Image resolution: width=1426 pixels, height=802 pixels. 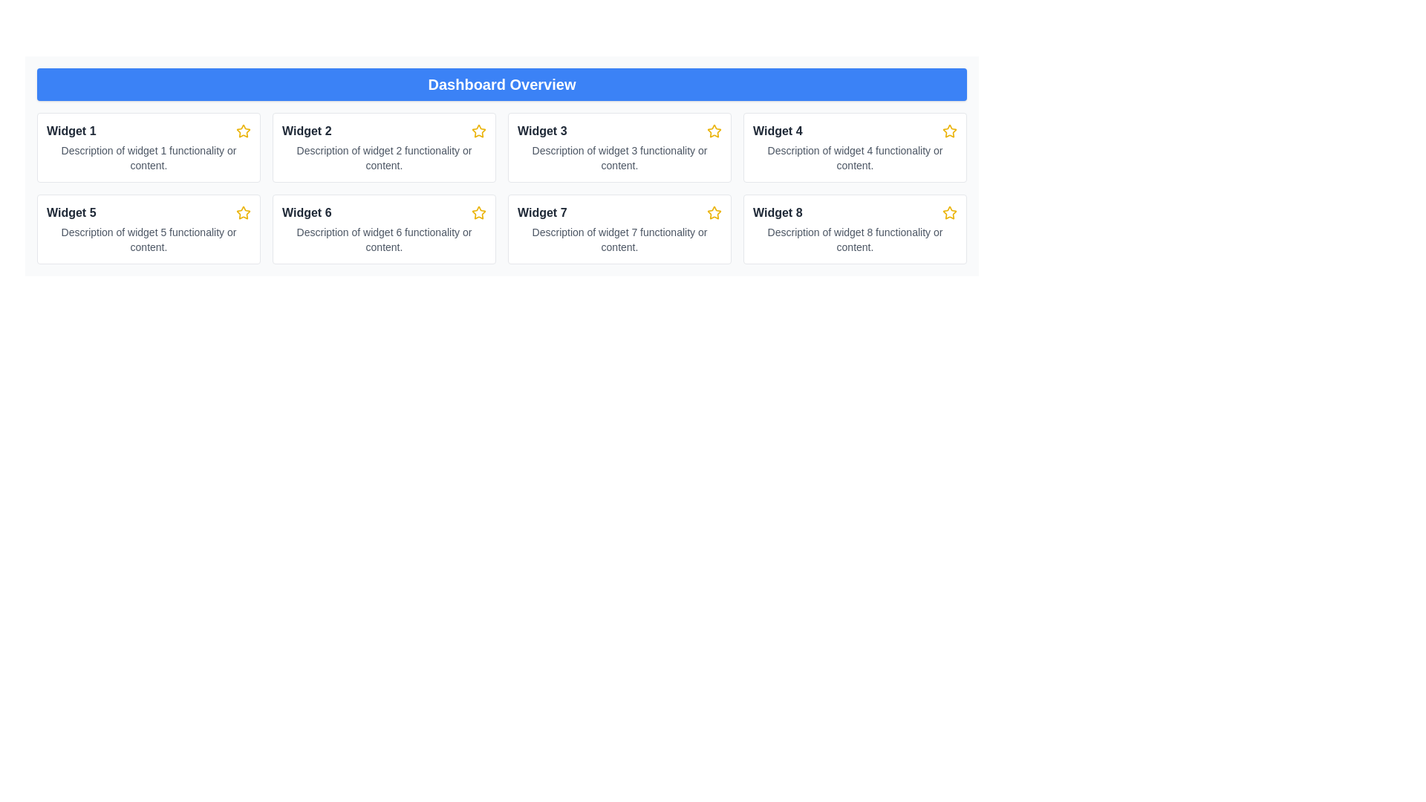 What do you see at coordinates (149, 239) in the screenshot?
I see `the text block that reads 'Description of widget 5 functionality or content', which is styled with small gray text and located below the title 'Widget 5'` at bounding box center [149, 239].